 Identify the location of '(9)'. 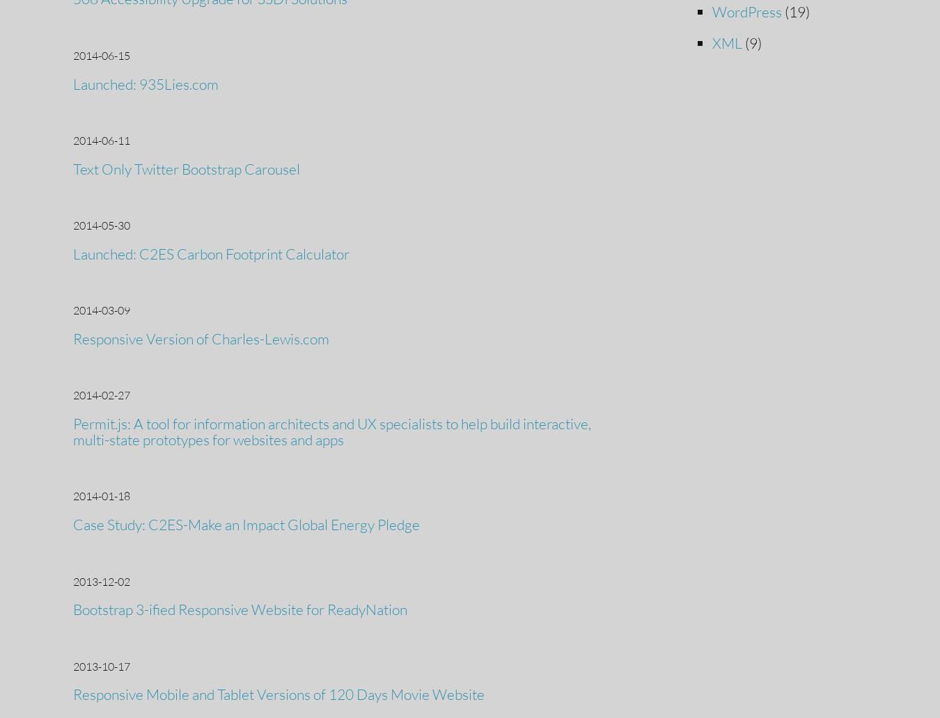
(751, 43).